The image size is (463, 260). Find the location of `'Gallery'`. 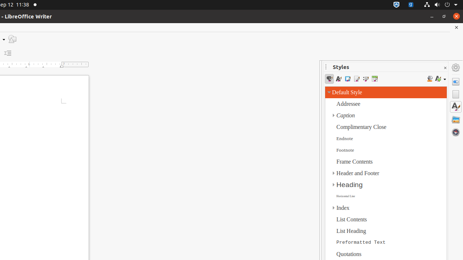

'Gallery' is located at coordinates (455, 119).